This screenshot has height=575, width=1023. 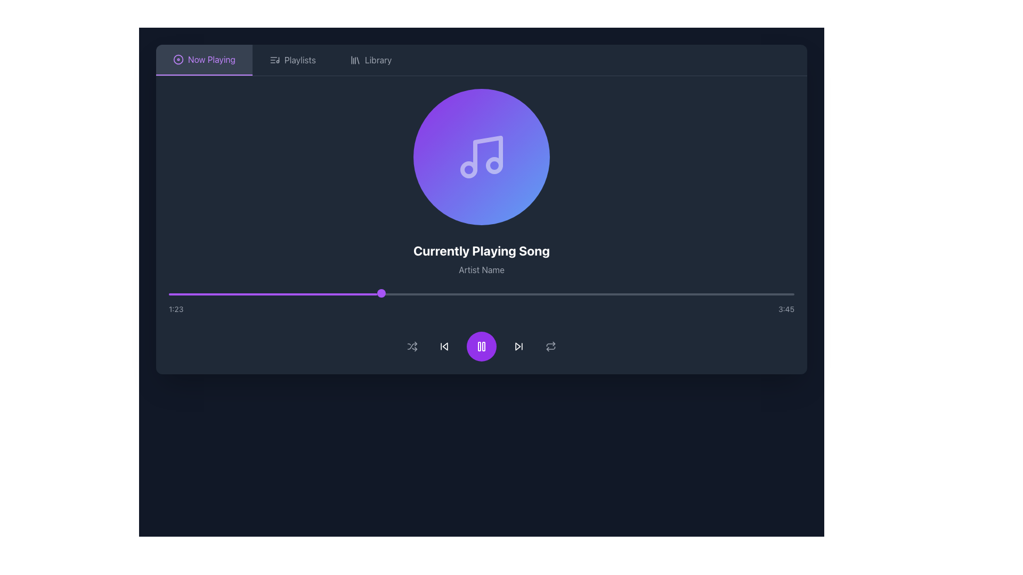 What do you see at coordinates (444, 347) in the screenshot?
I see `the 'skip back' button located in the bottom-center control bar, which is the second button from the left in the sequence of playback control buttons, to skip back in media playback` at bounding box center [444, 347].